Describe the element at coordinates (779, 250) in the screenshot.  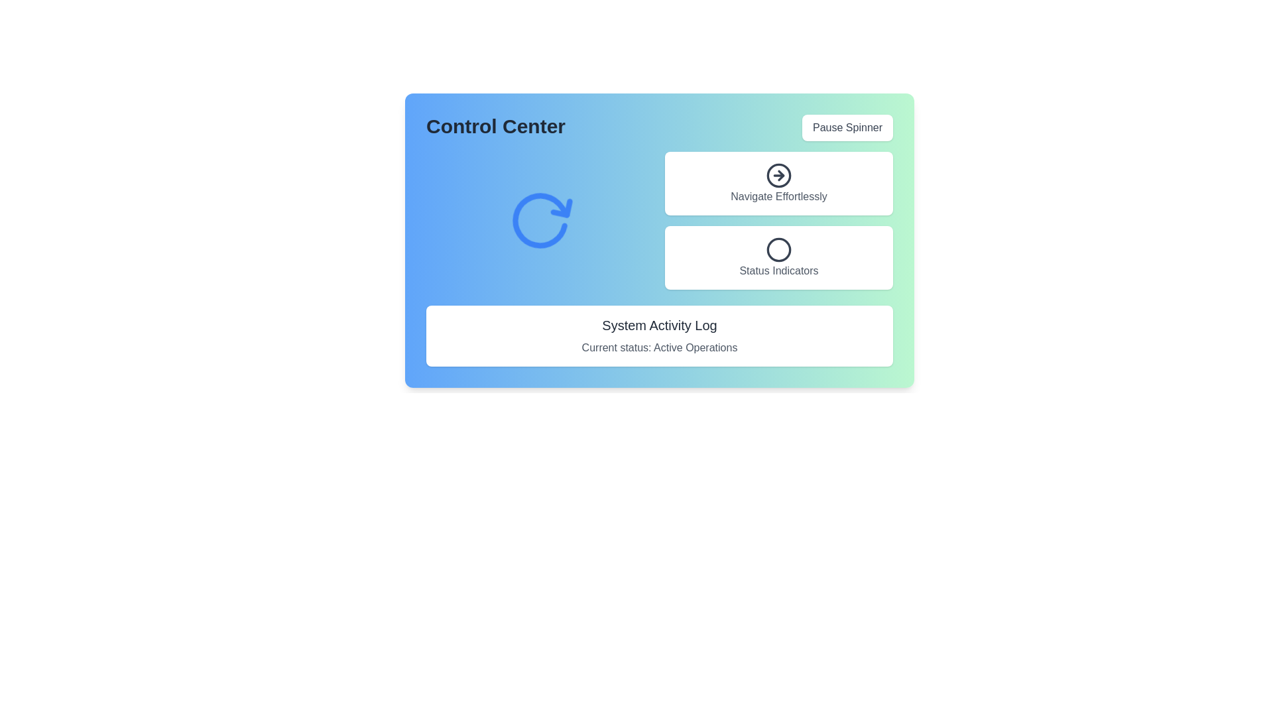
I see `the circular icon with a black outer border and white fill, located in the second rectangular card area labeled 'Status Indicators' on the right side of the interface` at that location.